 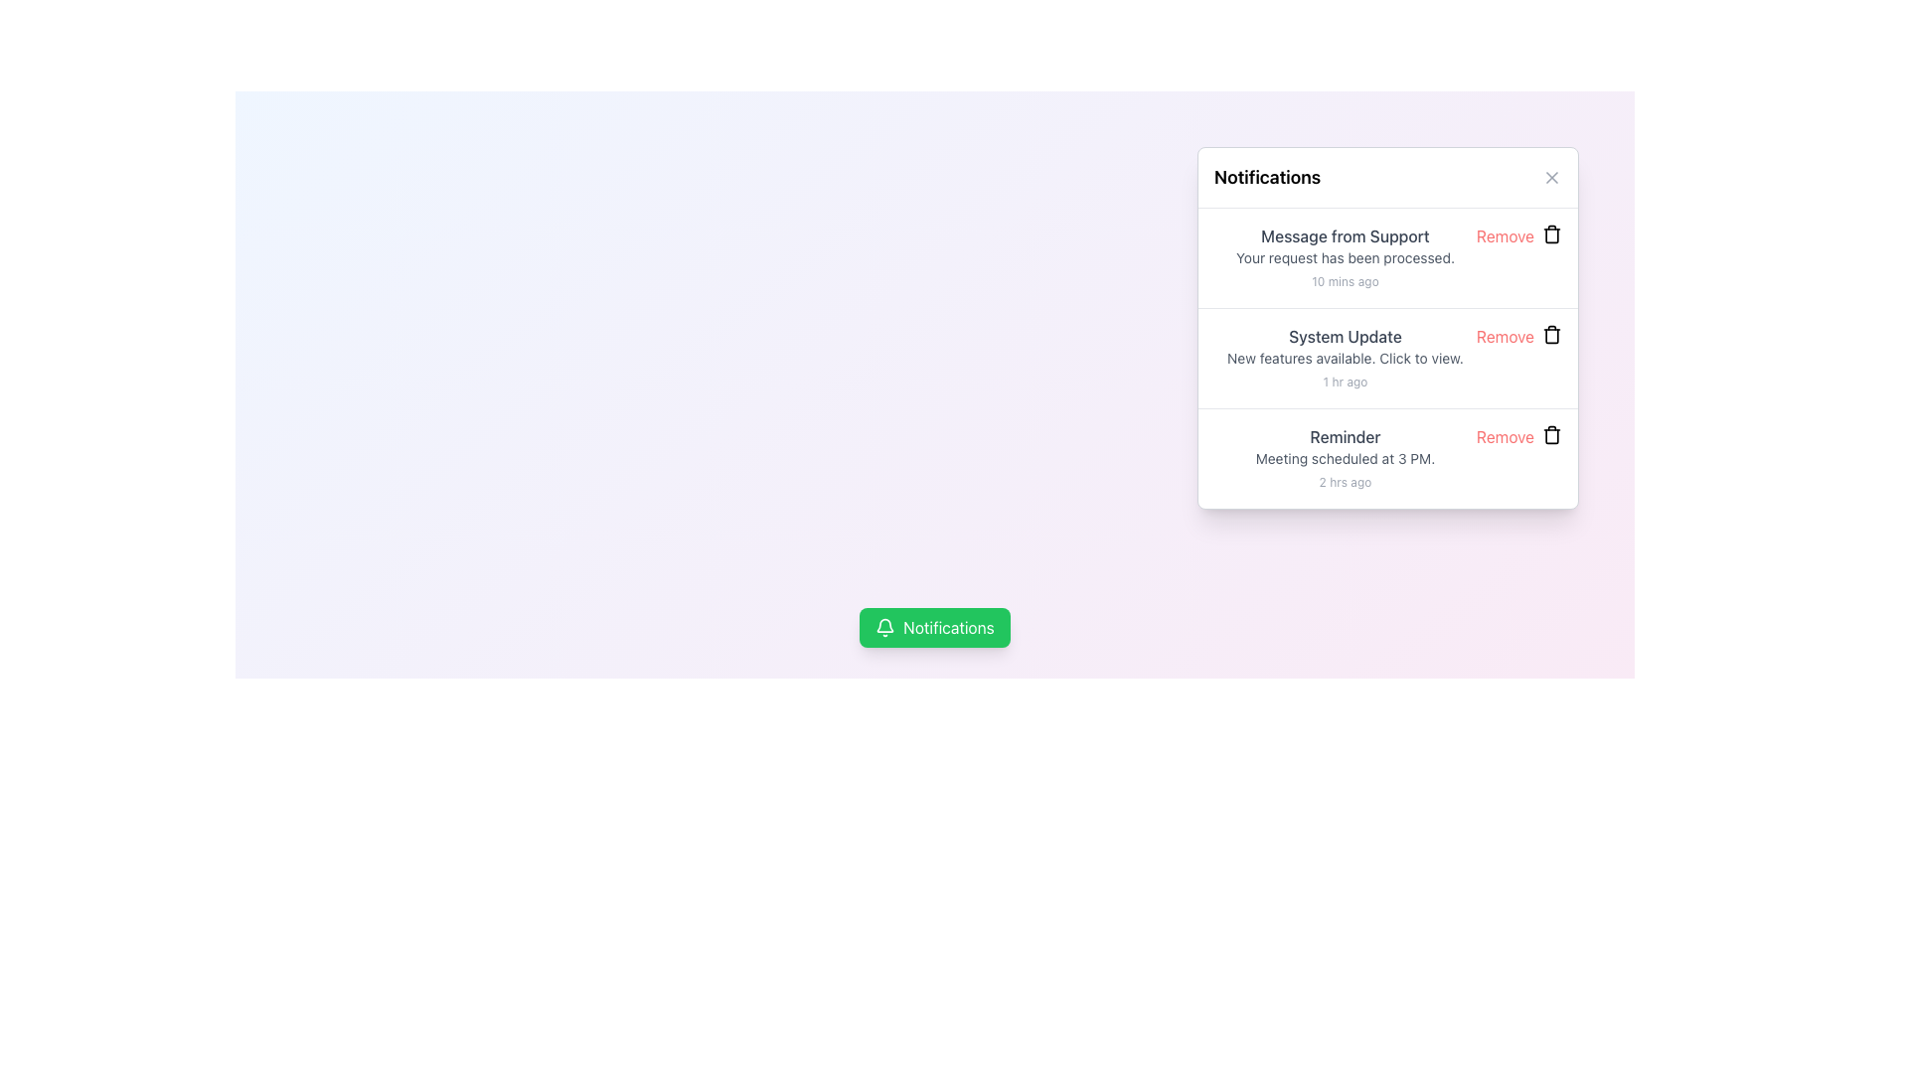 What do you see at coordinates (1506, 435) in the screenshot?
I see `the hyperlink styled as a button located at the top-right area of the third notification item` at bounding box center [1506, 435].